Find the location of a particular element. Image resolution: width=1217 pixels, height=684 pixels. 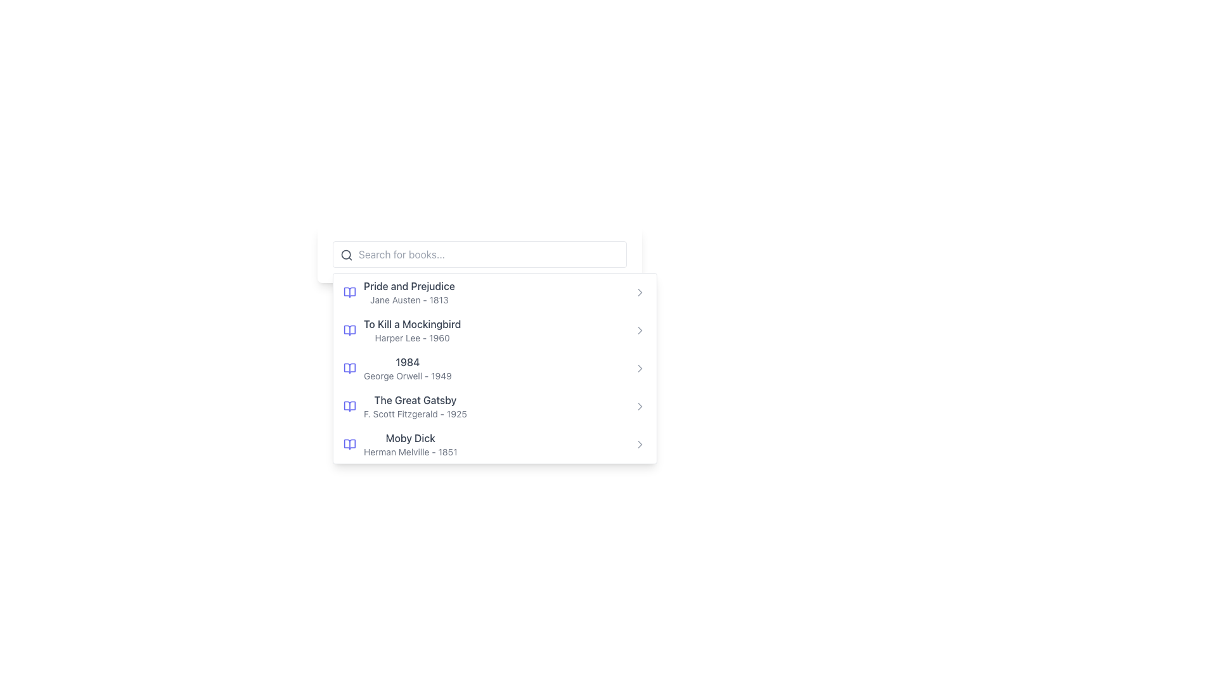

the right-pointing chevron icon in the row for 'The Great Gatsby' by F. Scott Fitzgerald, which is the fourth entry in the book list is located at coordinates (640, 406).